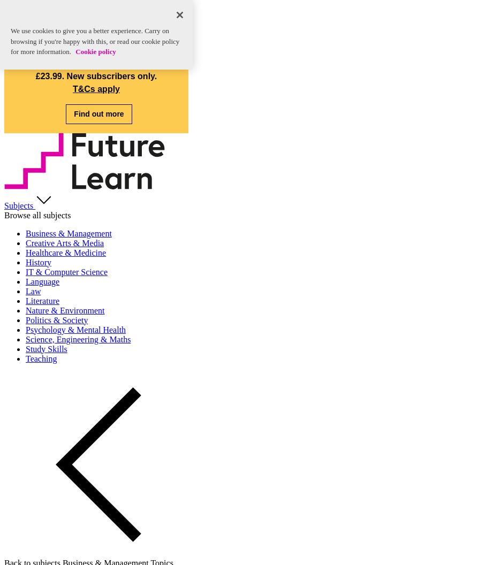  Describe the element at coordinates (78, 338) in the screenshot. I see `'Science, Engineering & Maths'` at that location.